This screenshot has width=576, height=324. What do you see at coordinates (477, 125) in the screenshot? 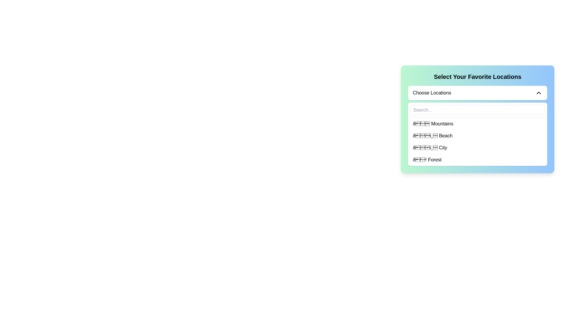
I see `the items in the dropdown menu located below the title 'Select Your Favorite Locations'` at bounding box center [477, 125].